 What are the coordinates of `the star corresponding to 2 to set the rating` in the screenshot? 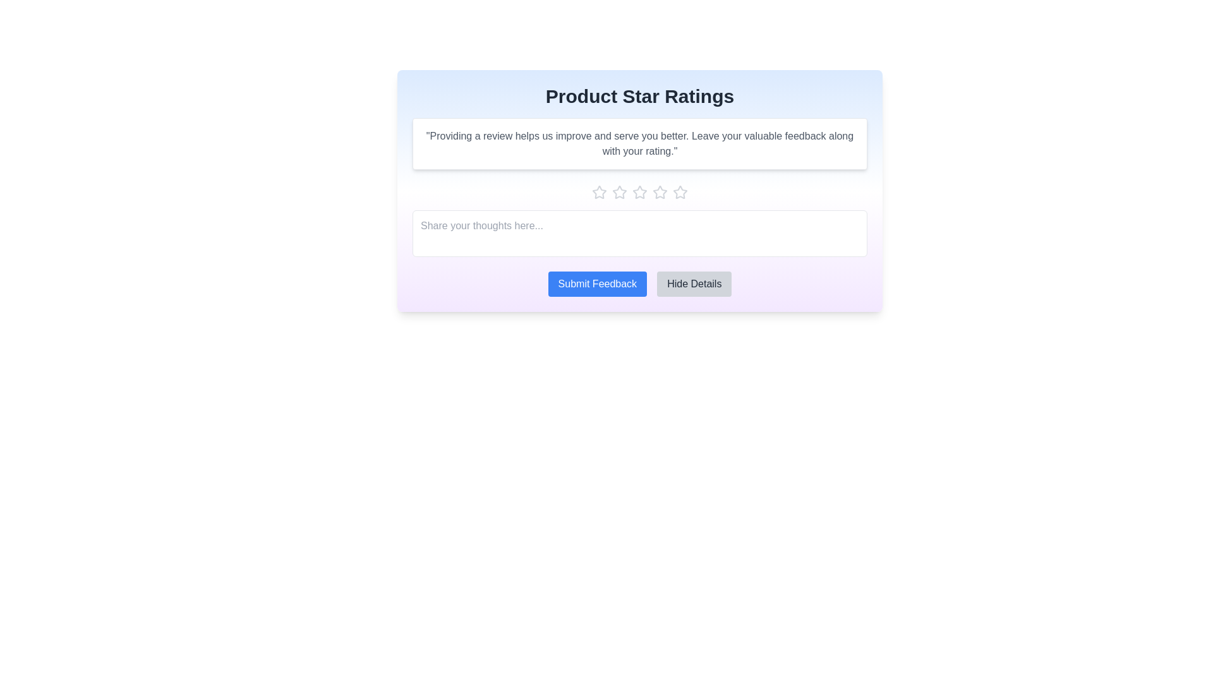 It's located at (619, 192).